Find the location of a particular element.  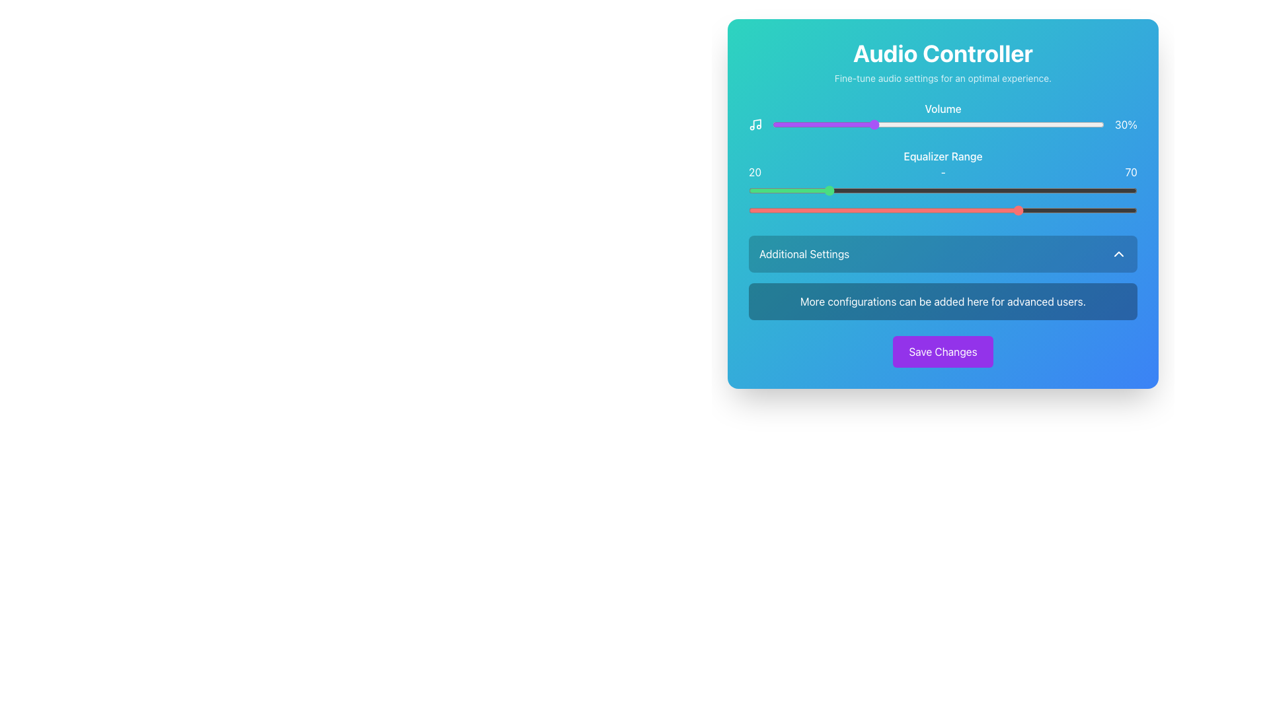

the slider is located at coordinates (1011, 125).